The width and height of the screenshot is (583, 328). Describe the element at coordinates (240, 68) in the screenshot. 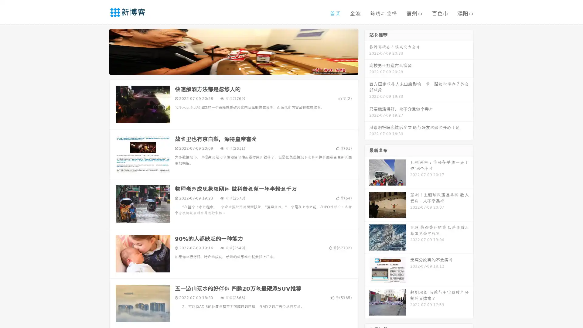

I see `Go to slide 3` at that location.